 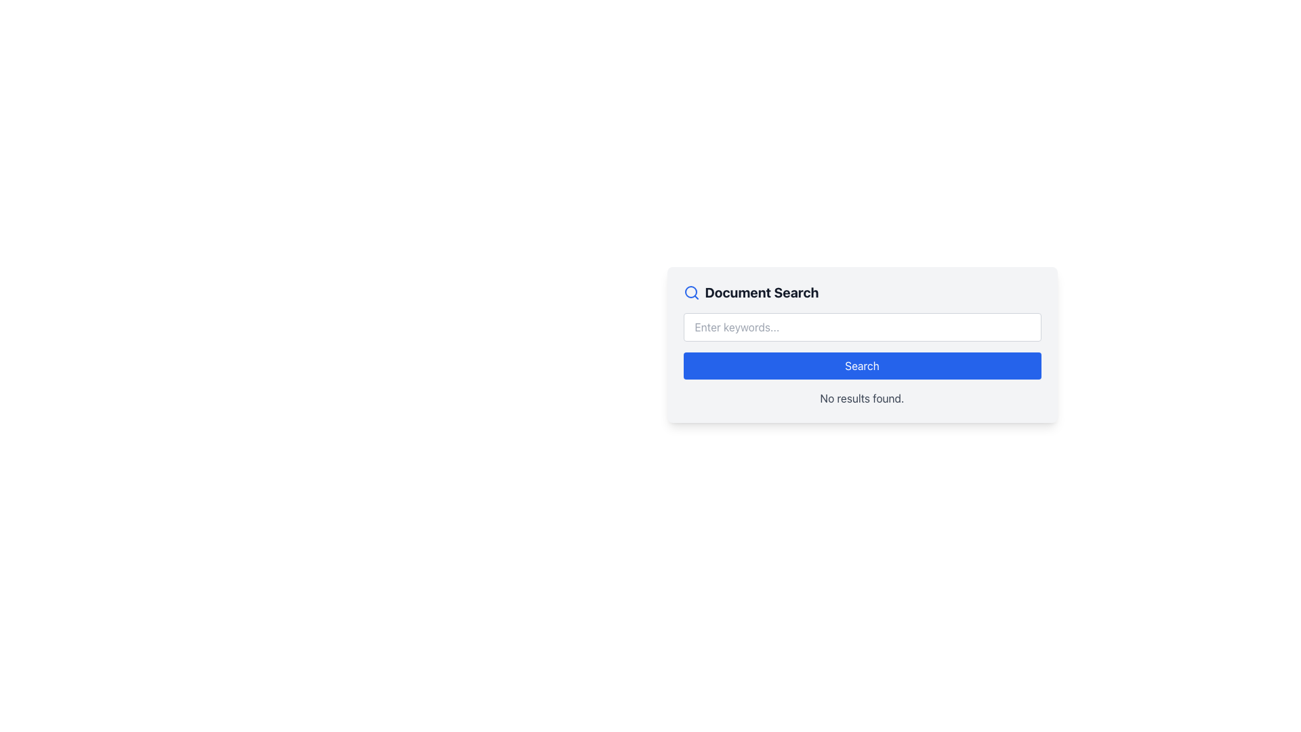 I want to click on the non-interactive informative message displayed when no search results match the user's query, located below the blue 'Search' button, so click(x=861, y=397).